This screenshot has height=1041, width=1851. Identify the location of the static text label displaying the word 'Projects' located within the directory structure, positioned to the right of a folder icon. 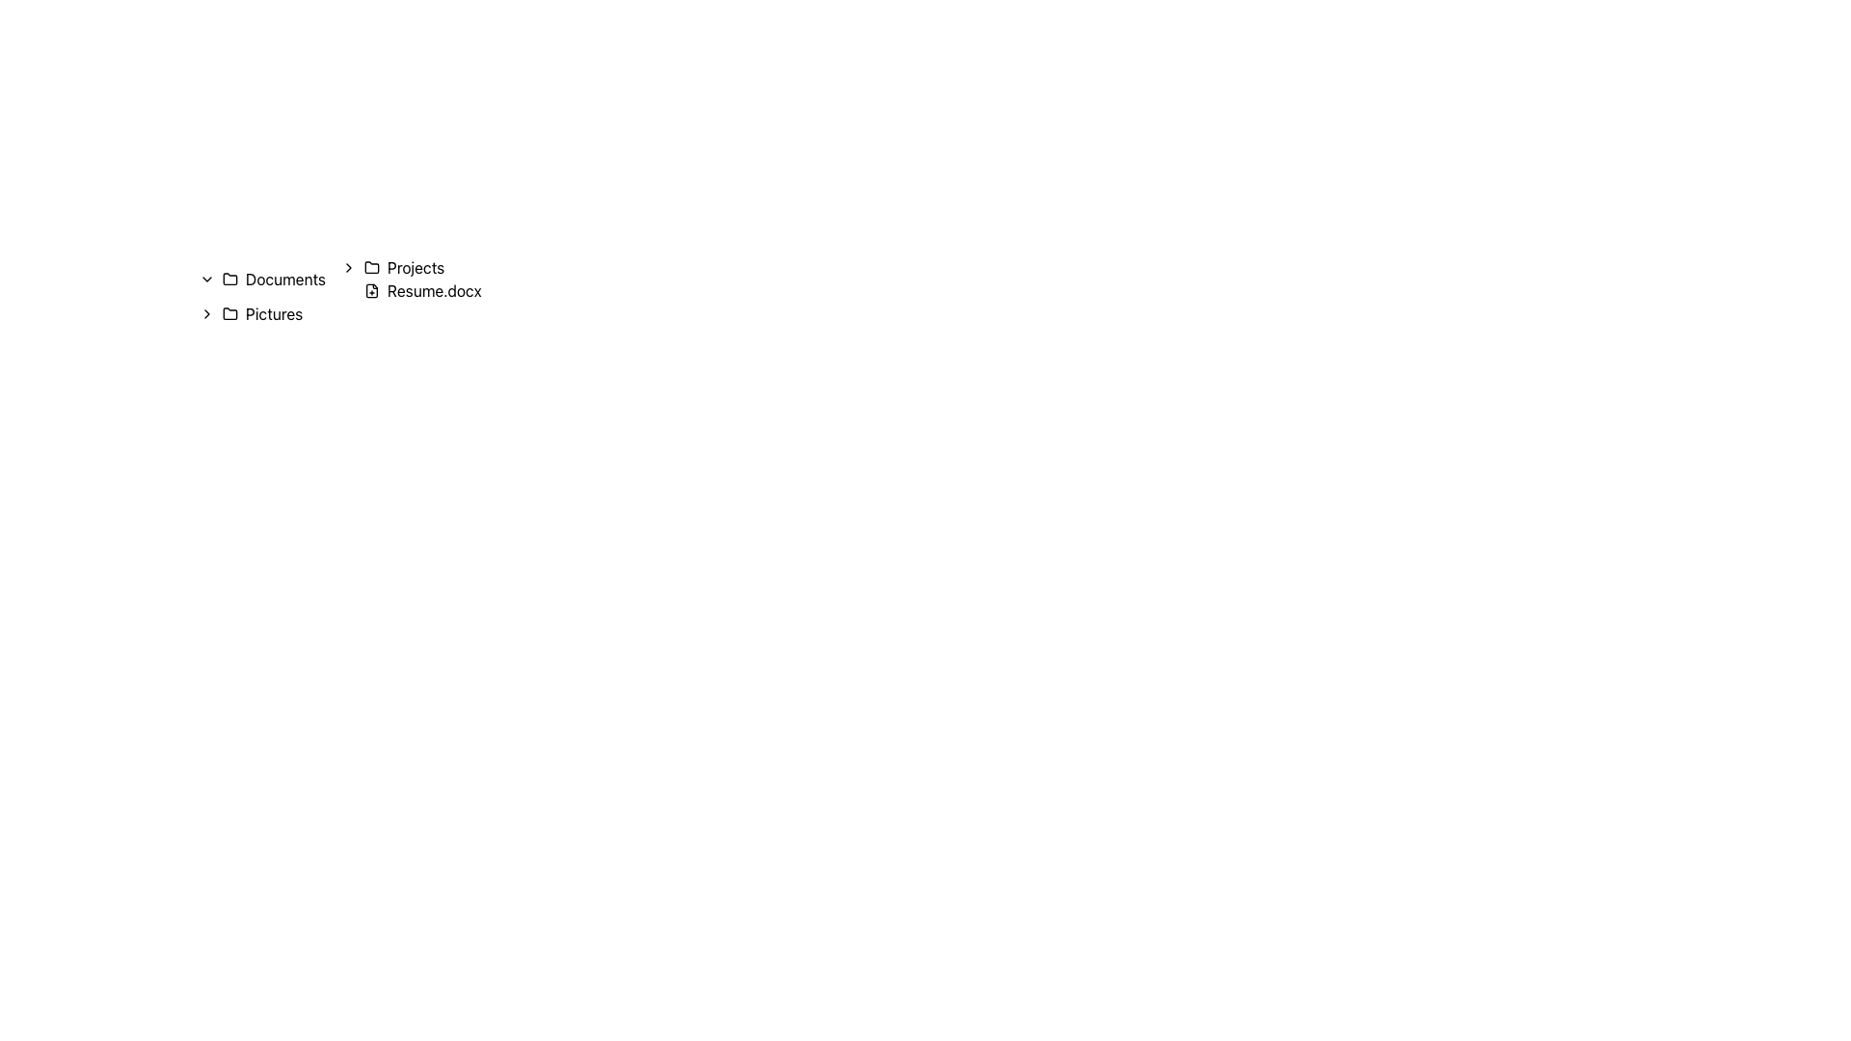
(415, 267).